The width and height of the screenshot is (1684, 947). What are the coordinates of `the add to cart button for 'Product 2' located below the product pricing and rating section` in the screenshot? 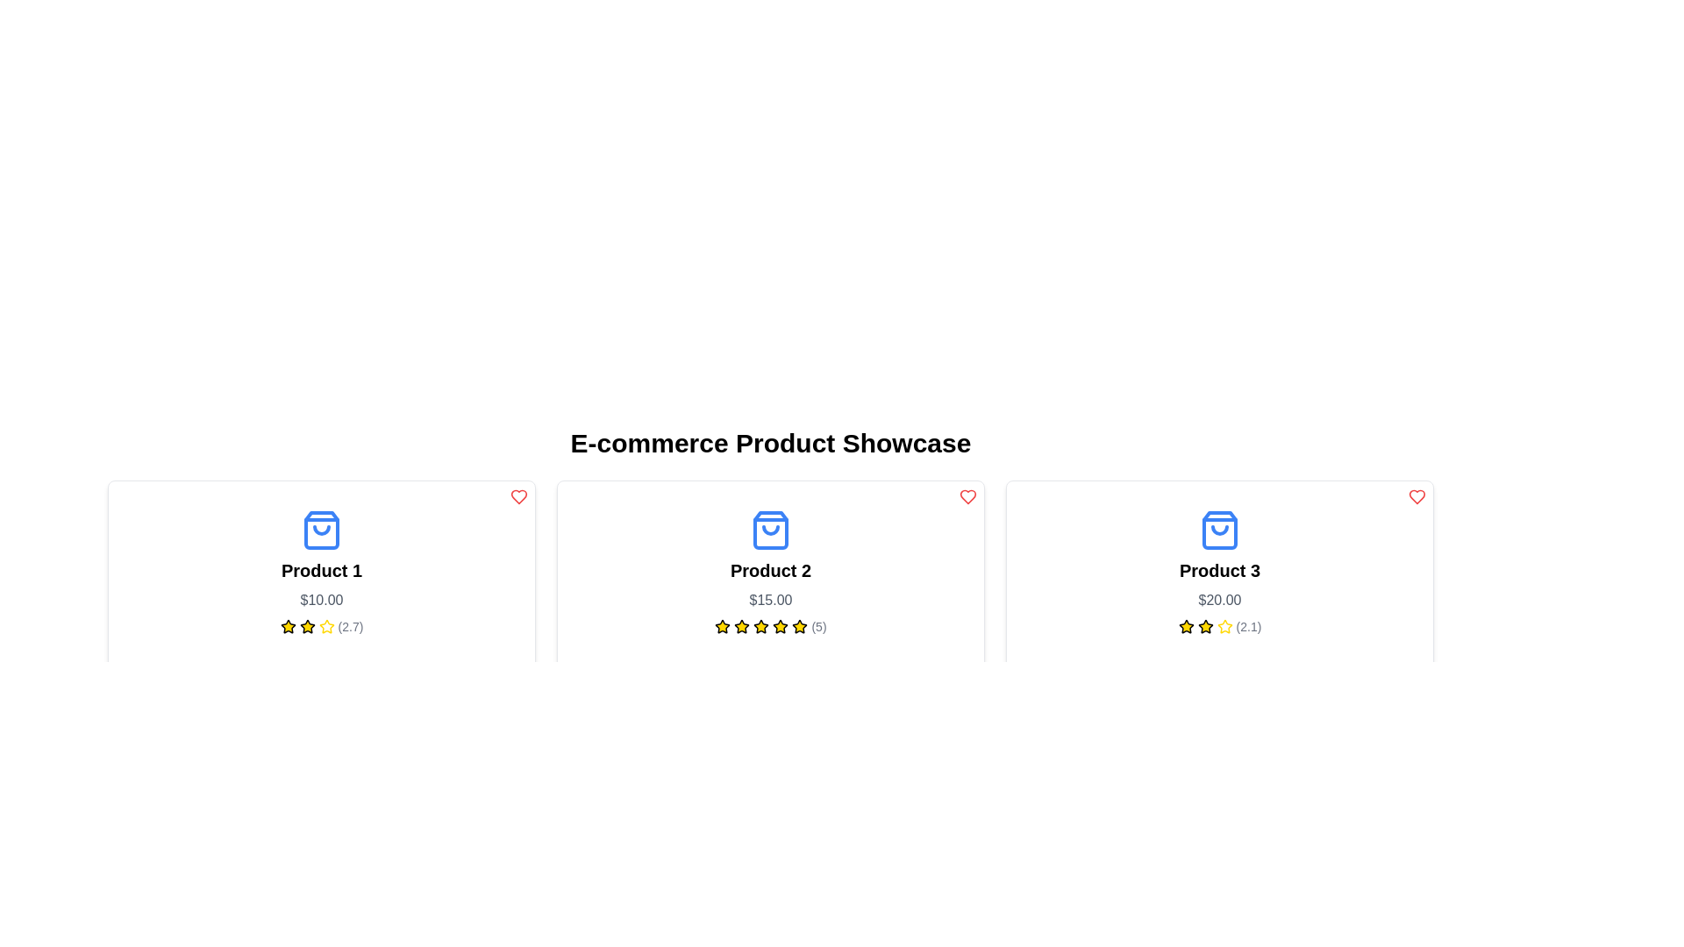 It's located at (770, 680).